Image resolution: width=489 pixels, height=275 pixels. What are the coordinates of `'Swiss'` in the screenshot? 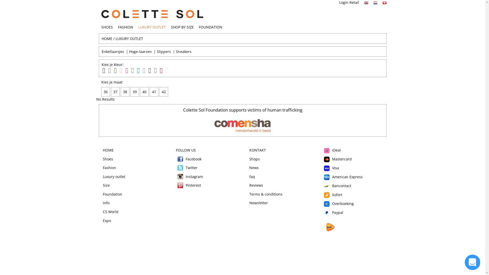 It's located at (385, 3).